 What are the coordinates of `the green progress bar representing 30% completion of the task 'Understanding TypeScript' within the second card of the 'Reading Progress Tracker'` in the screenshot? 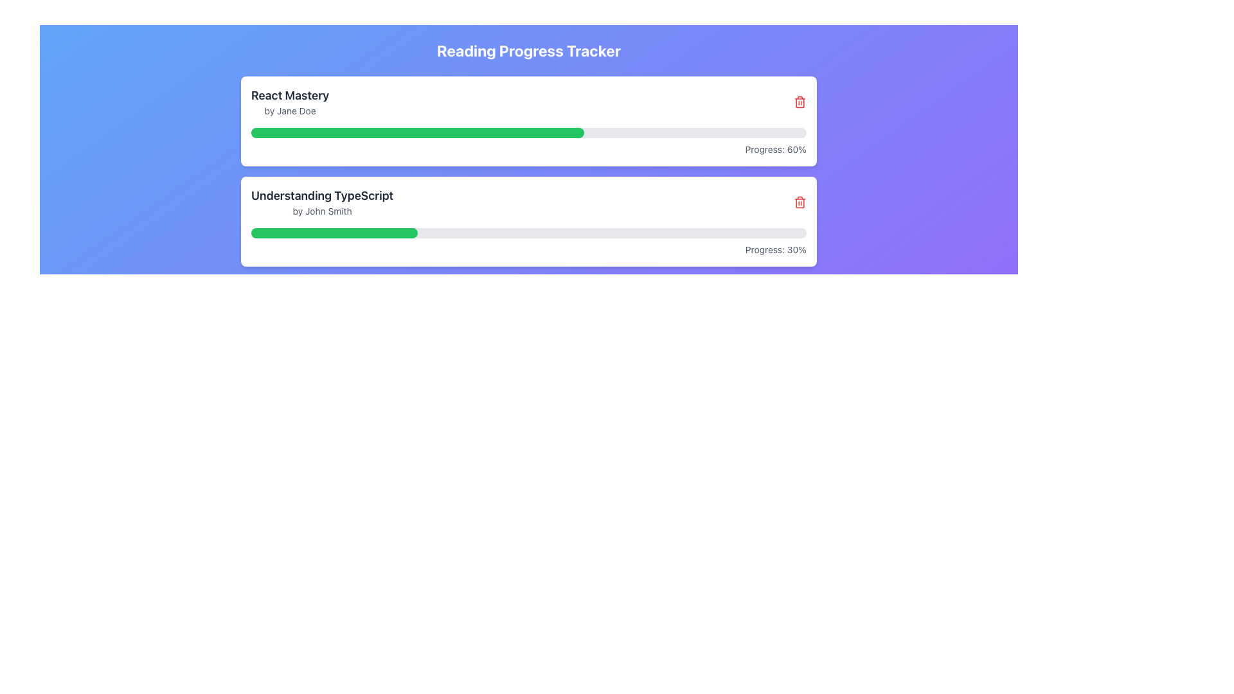 It's located at (334, 233).